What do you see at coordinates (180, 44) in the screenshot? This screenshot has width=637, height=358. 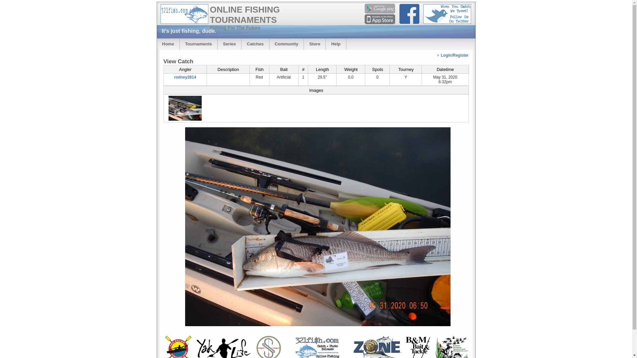 I see `'Tournaments'` at bounding box center [180, 44].